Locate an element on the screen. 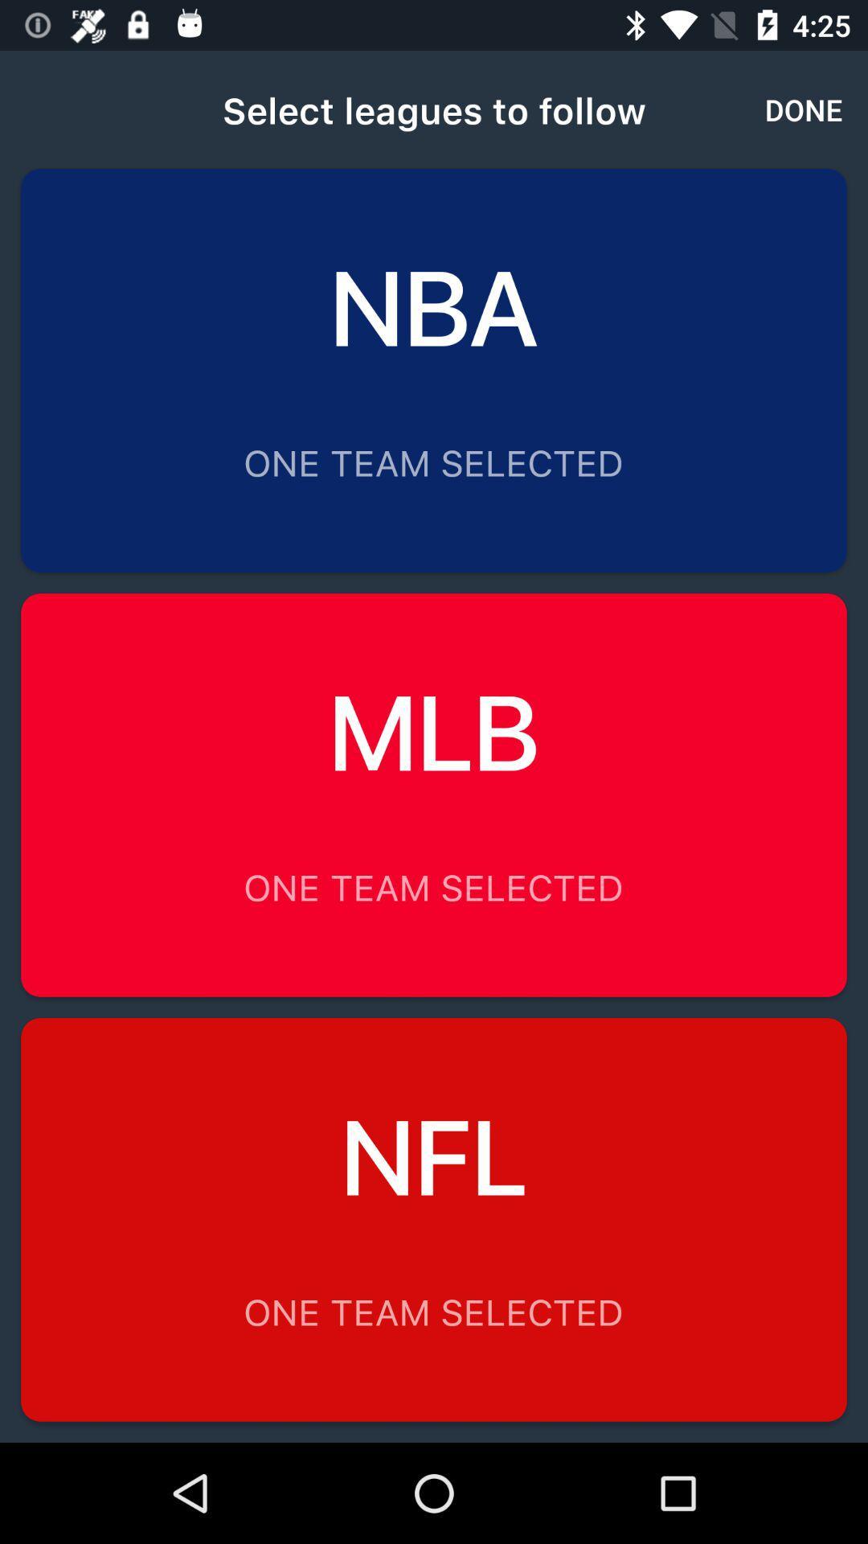 Image resolution: width=868 pixels, height=1544 pixels. the done item is located at coordinates (804, 109).